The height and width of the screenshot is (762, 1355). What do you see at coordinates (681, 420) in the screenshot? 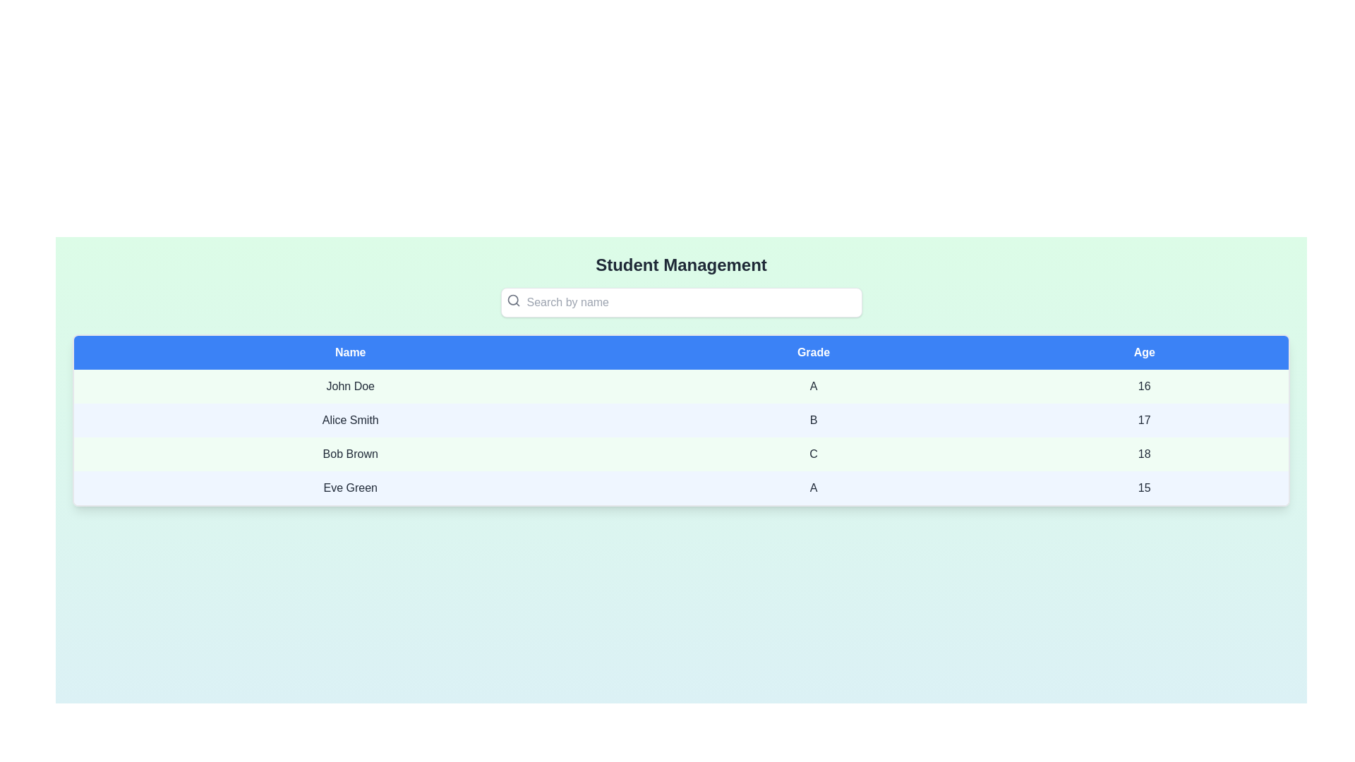
I see `the second row in the data table, which contains 'Alice Smith', grade 'B', and age '17'` at bounding box center [681, 420].